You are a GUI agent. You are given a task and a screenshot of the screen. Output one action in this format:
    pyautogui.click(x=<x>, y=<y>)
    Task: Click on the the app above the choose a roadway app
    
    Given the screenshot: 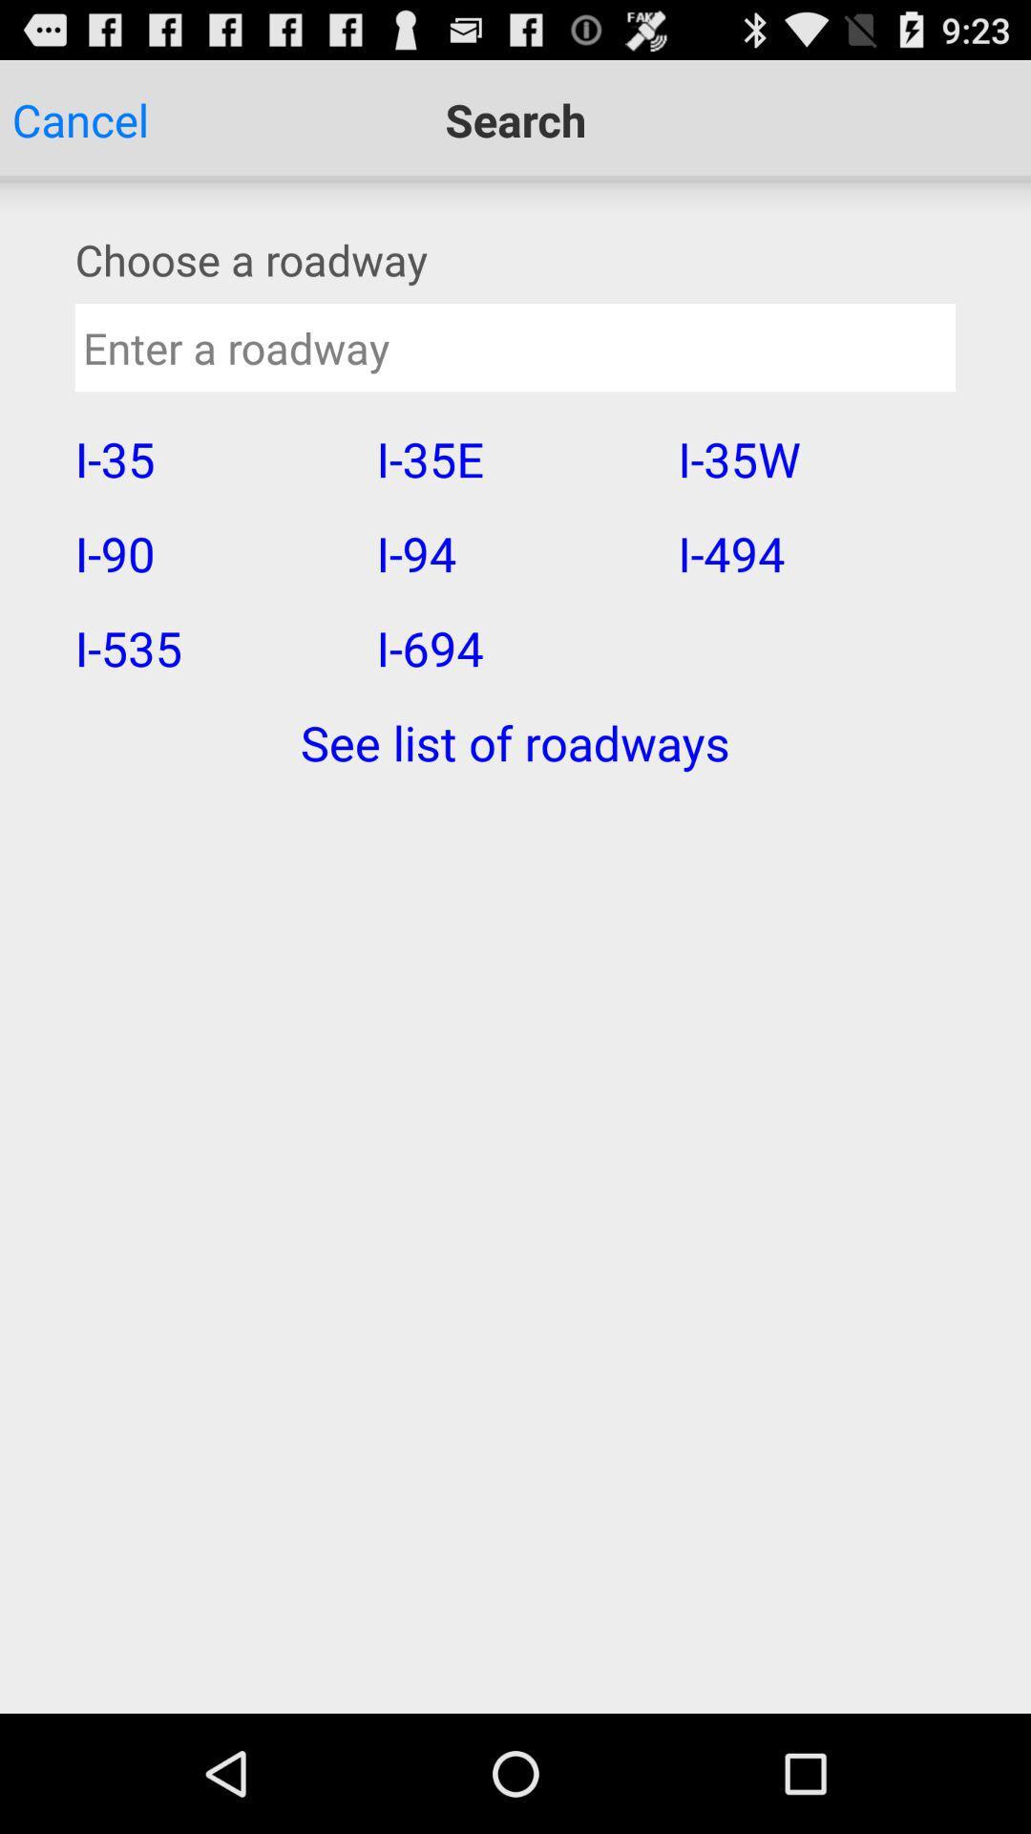 What is the action you would take?
    pyautogui.click(x=79, y=118)
    